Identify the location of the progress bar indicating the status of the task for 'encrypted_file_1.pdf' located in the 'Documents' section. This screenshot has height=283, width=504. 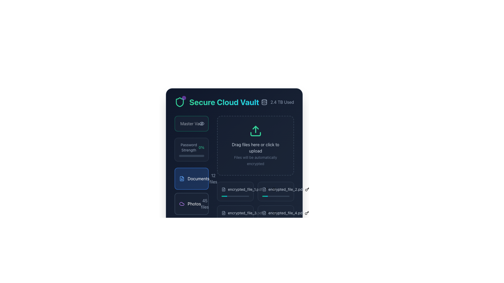
(235, 196).